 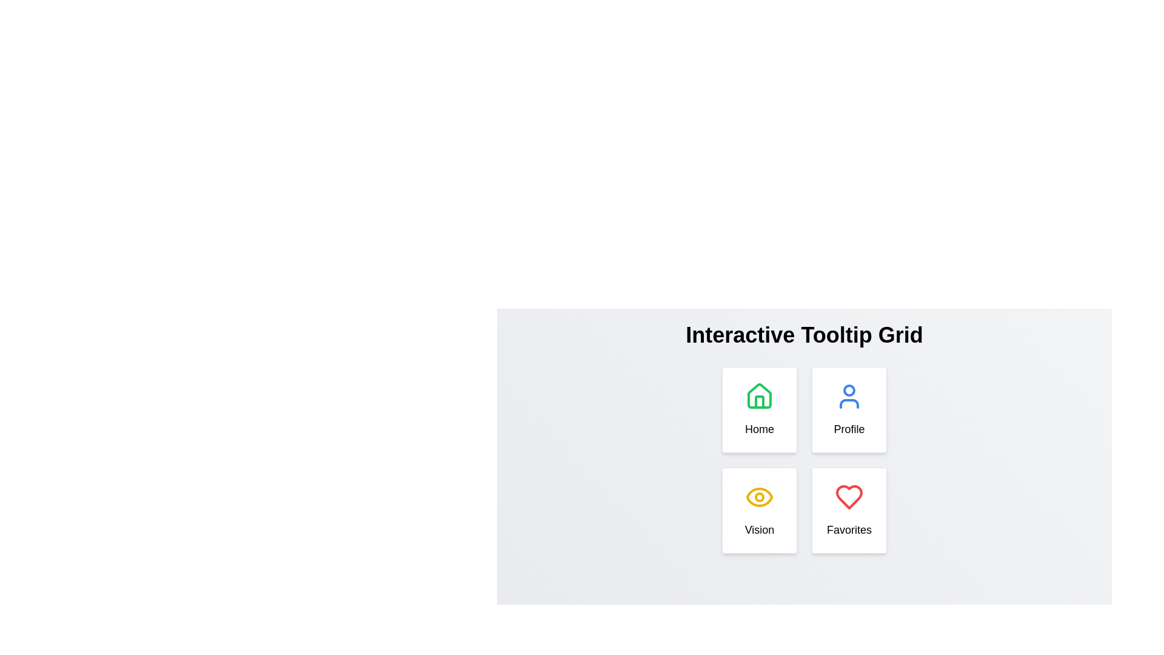 I want to click on on the 'Favorites' card-like display component located in the bottom-right corner of the grid layout, so click(x=849, y=510).